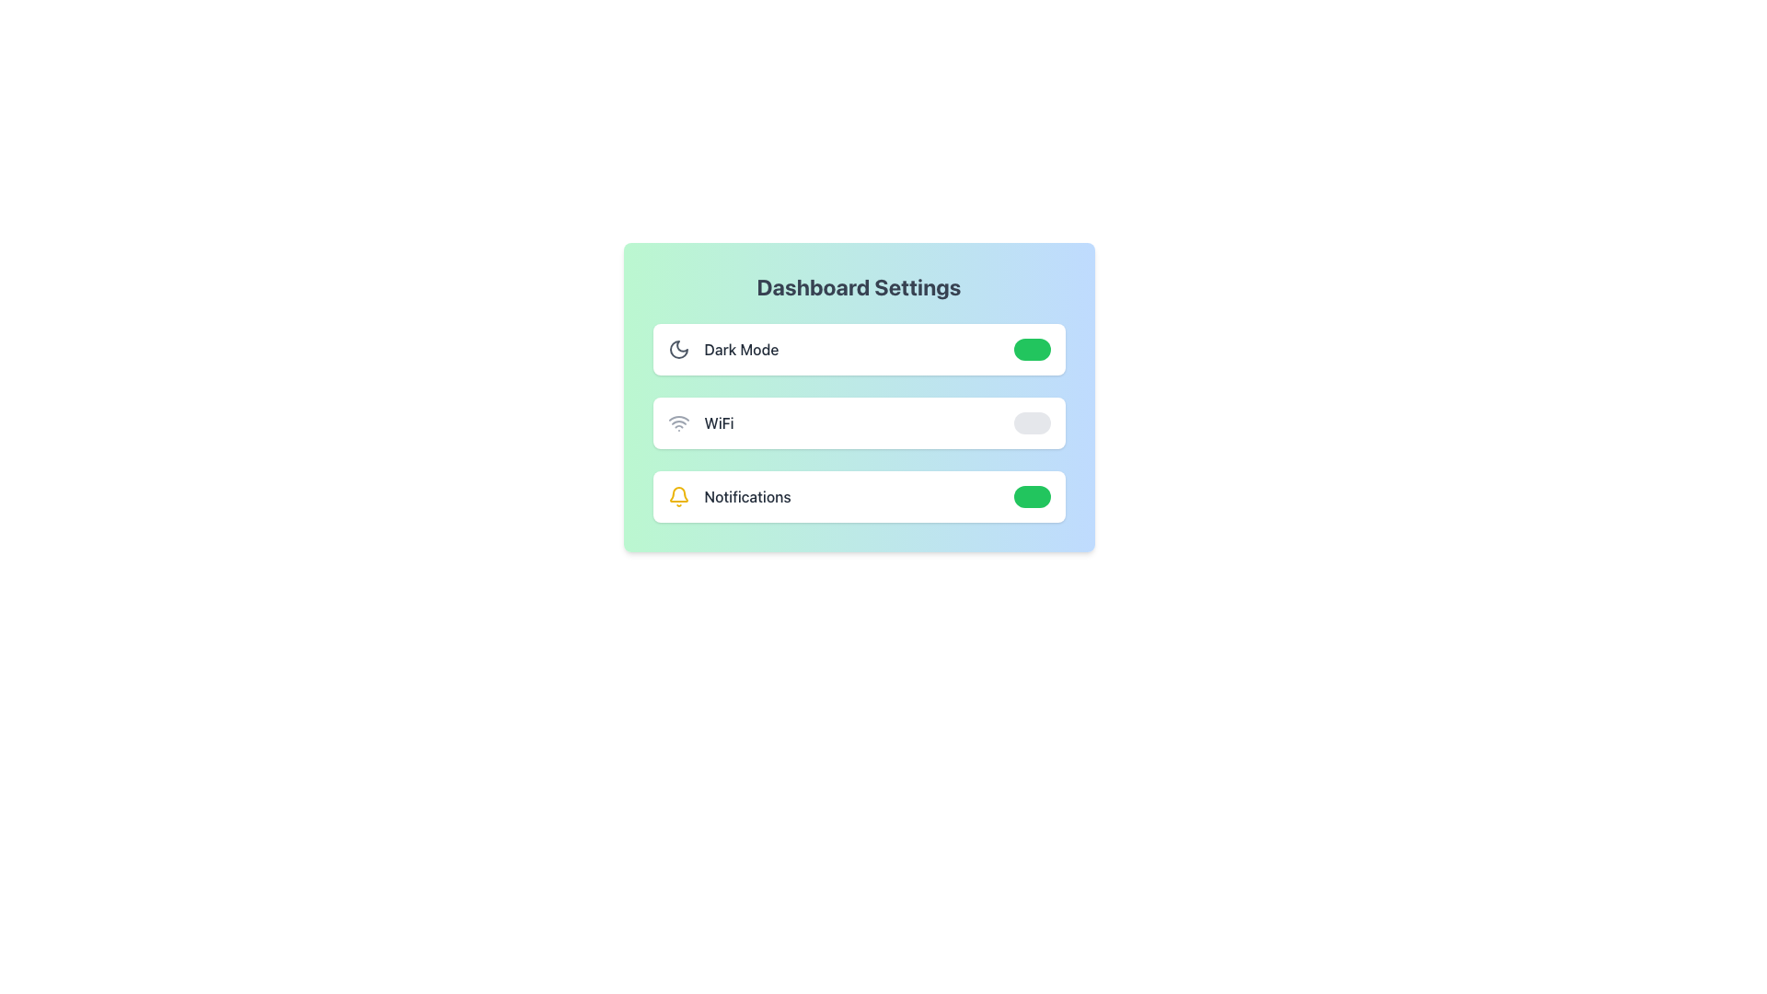 This screenshot has width=1767, height=994. What do you see at coordinates (722, 350) in the screenshot?
I see `the 'Dark Mode' label with icon and text to trigger the tooltip or styling change` at bounding box center [722, 350].